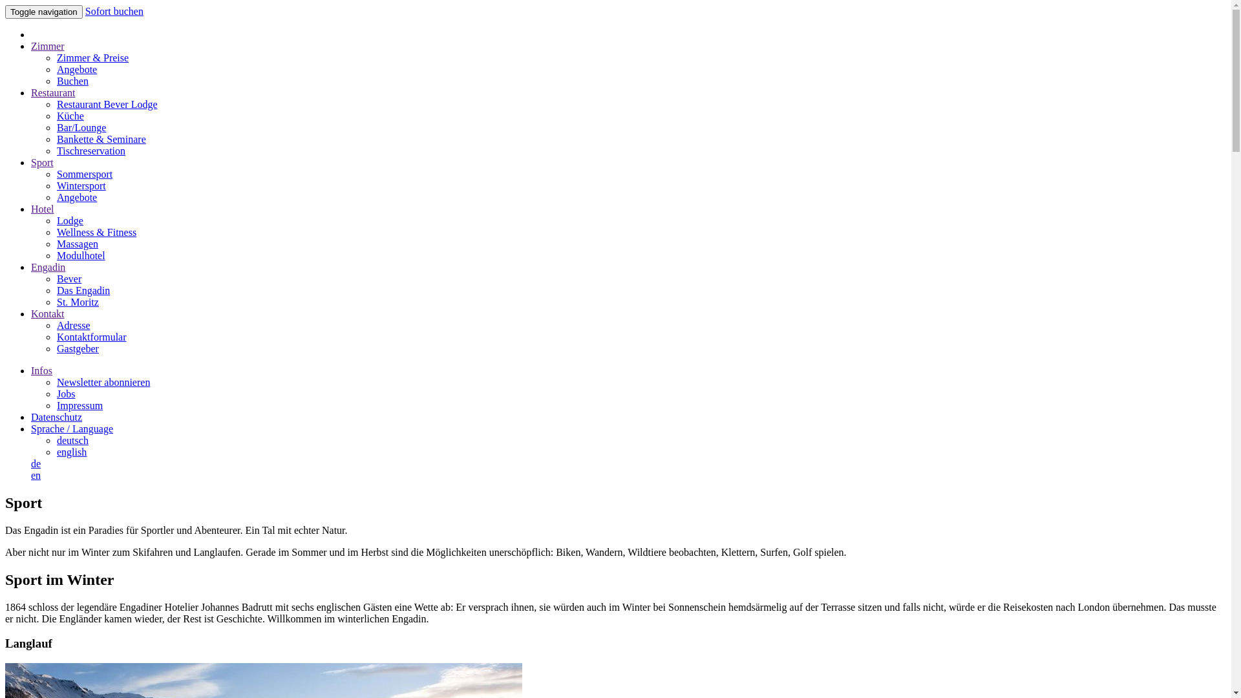  What do you see at coordinates (72, 81) in the screenshot?
I see `'Buchen'` at bounding box center [72, 81].